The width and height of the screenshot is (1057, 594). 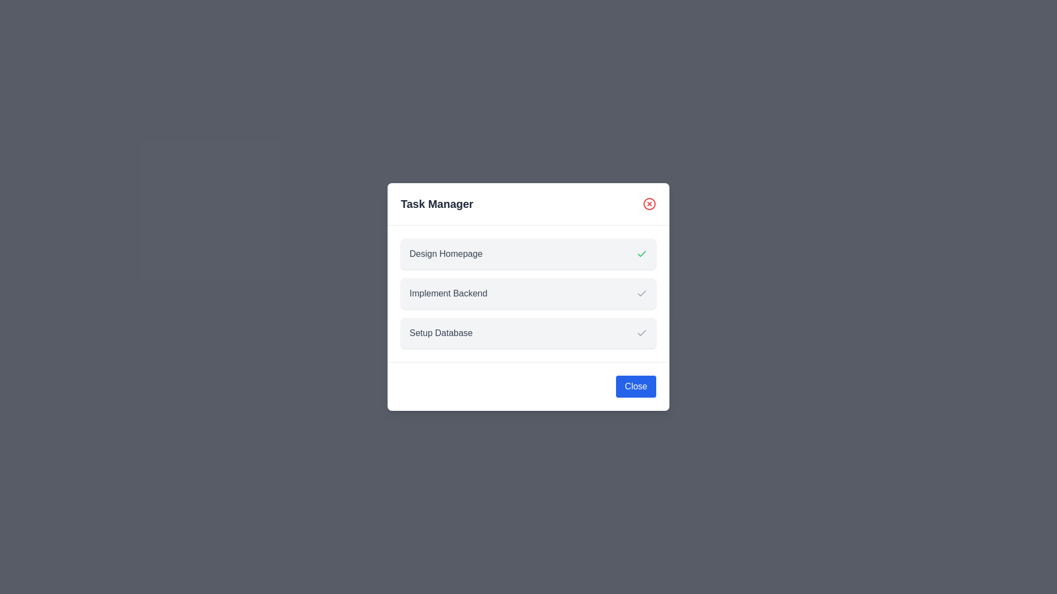 I want to click on the task item corresponding to Design Homepage to inspect its details, so click(x=528, y=254).